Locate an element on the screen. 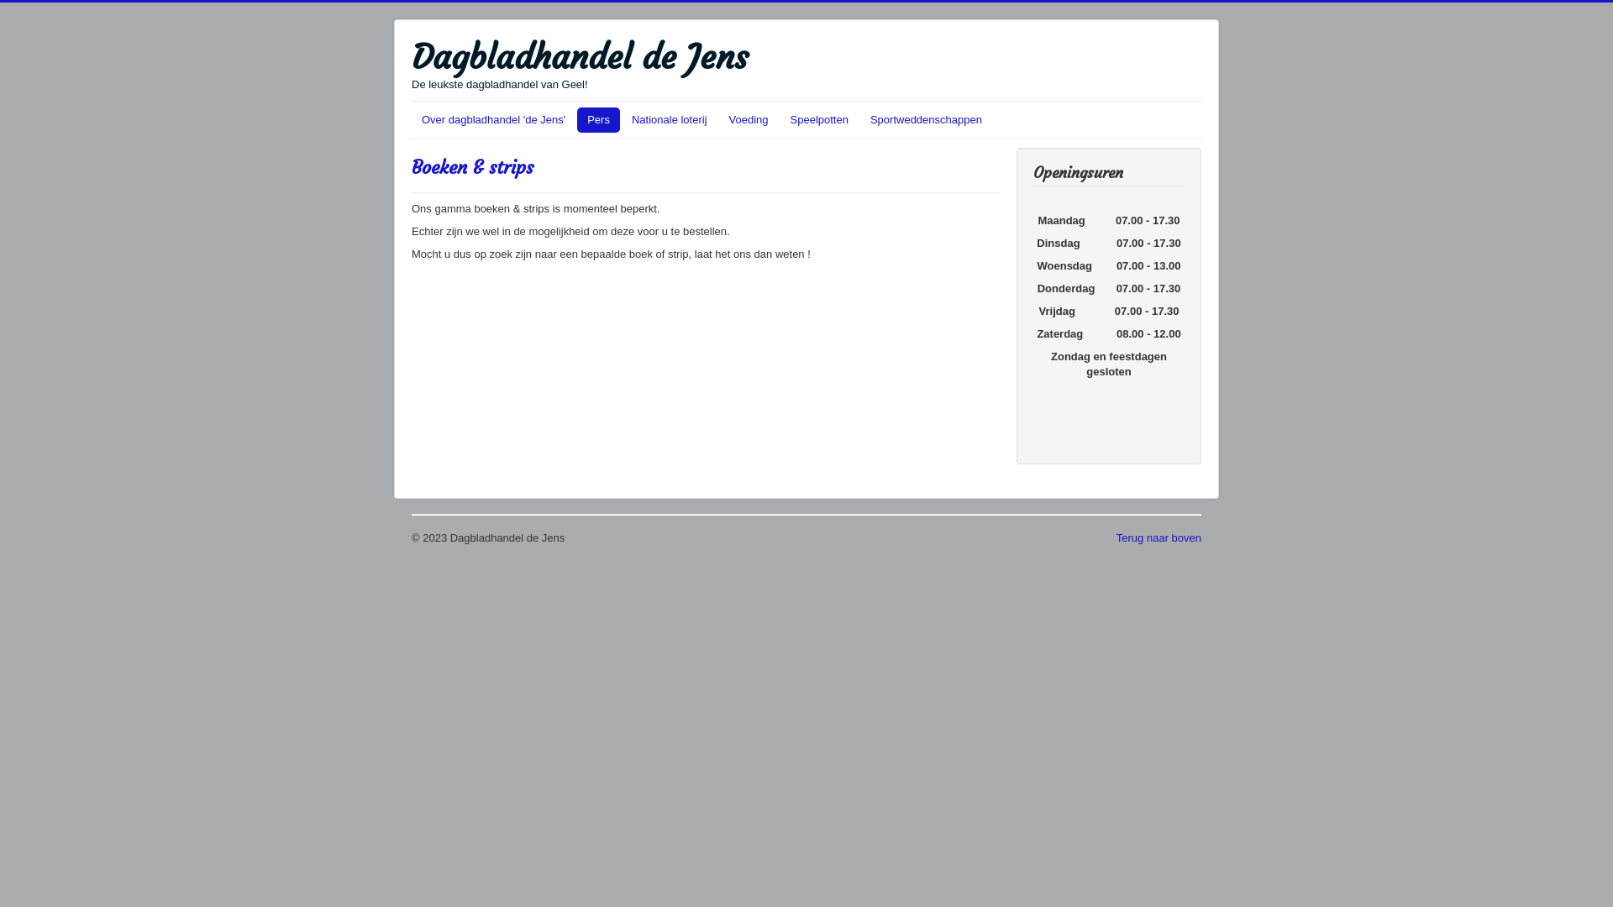 The width and height of the screenshot is (1613, 907). 'Voeding' is located at coordinates (748, 118).